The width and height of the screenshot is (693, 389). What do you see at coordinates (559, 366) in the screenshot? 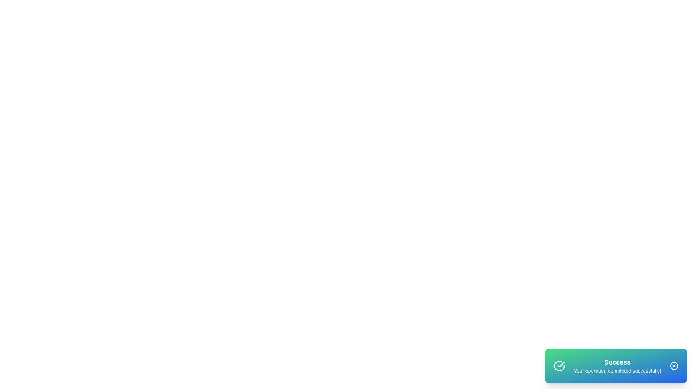
I see `the checkmark icon in the snackbar to understand its affordance` at bounding box center [559, 366].